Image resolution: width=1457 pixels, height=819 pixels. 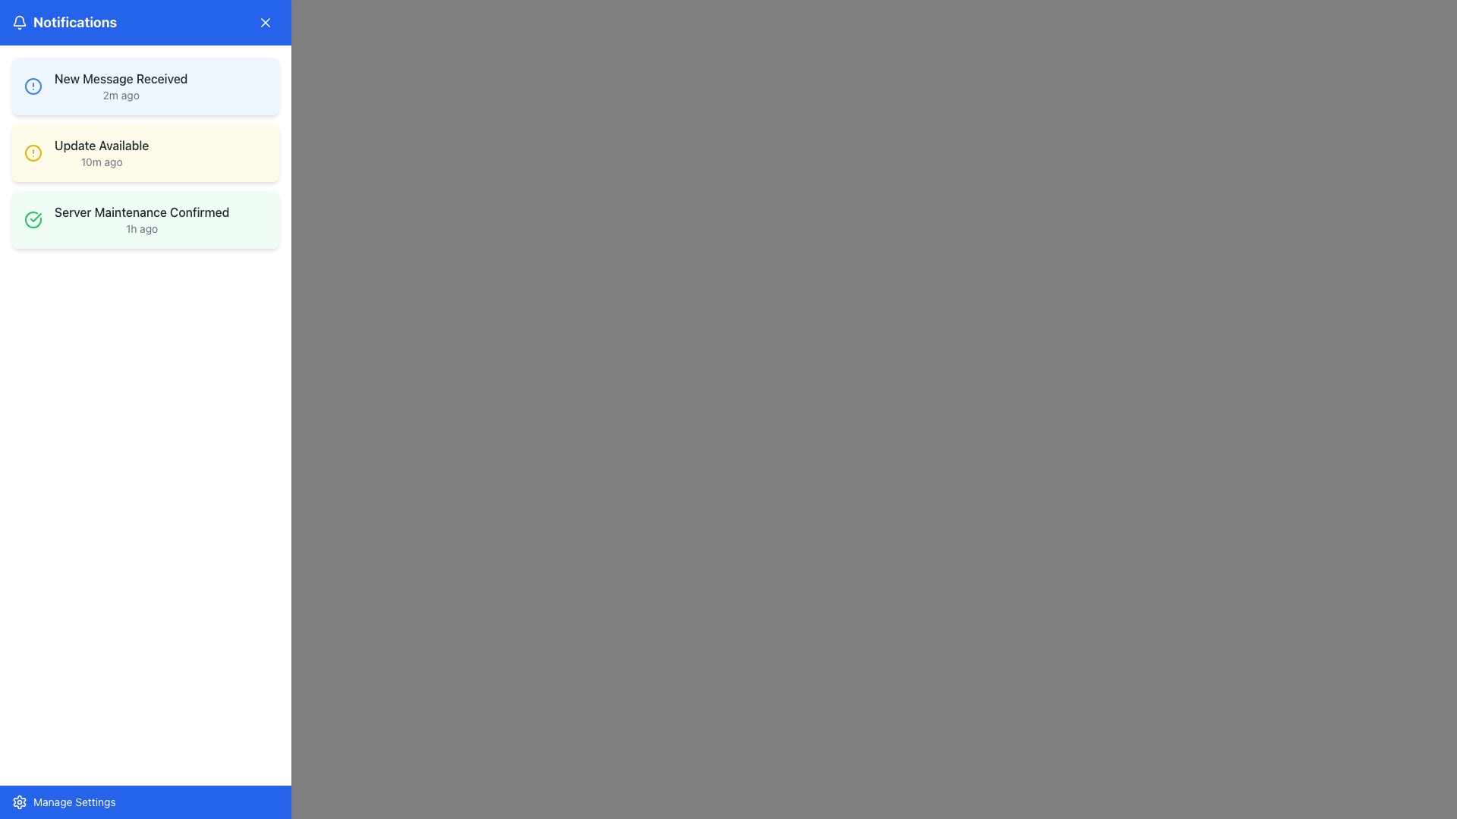 I want to click on the timestamp label located directly below the 'Update Available' text in the notification panel, which has a light yellow background, so click(x=101, y=162).